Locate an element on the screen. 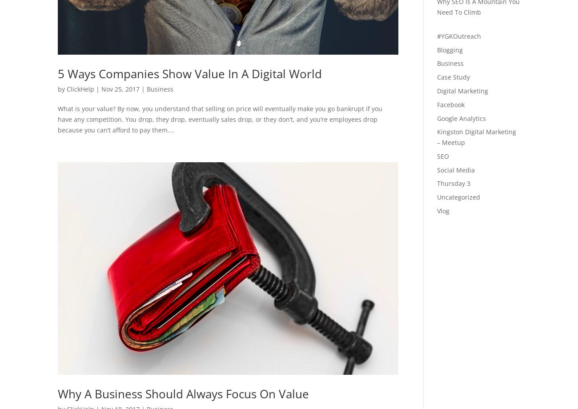 This screenshot has width=578, height=409. 'Facebook' is located at coordinates (450, 104).